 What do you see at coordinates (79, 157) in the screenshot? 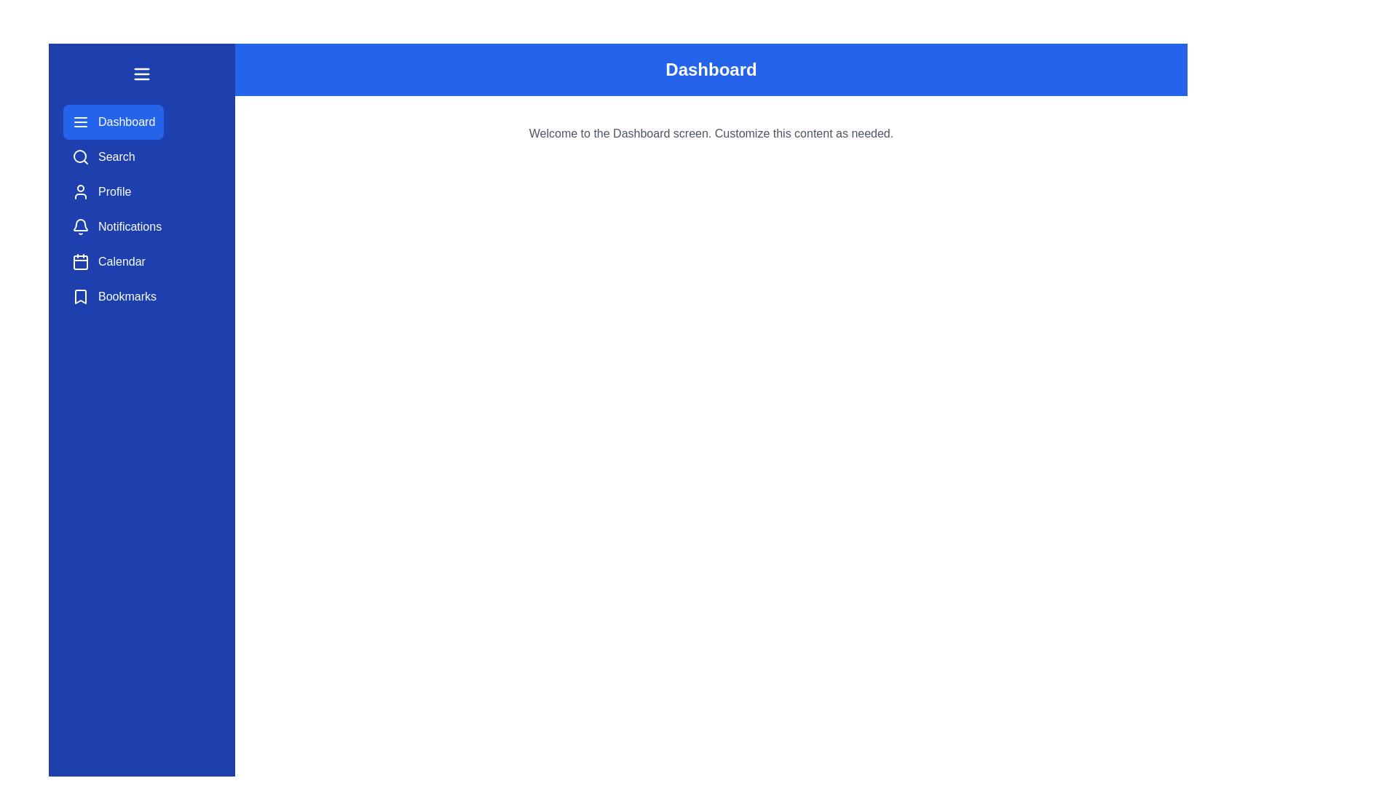
I see `the search icon located in the second item of the vertical sidebar navigation menu, adjacent to the 'Search' text label` at bounding box center [79, 157].